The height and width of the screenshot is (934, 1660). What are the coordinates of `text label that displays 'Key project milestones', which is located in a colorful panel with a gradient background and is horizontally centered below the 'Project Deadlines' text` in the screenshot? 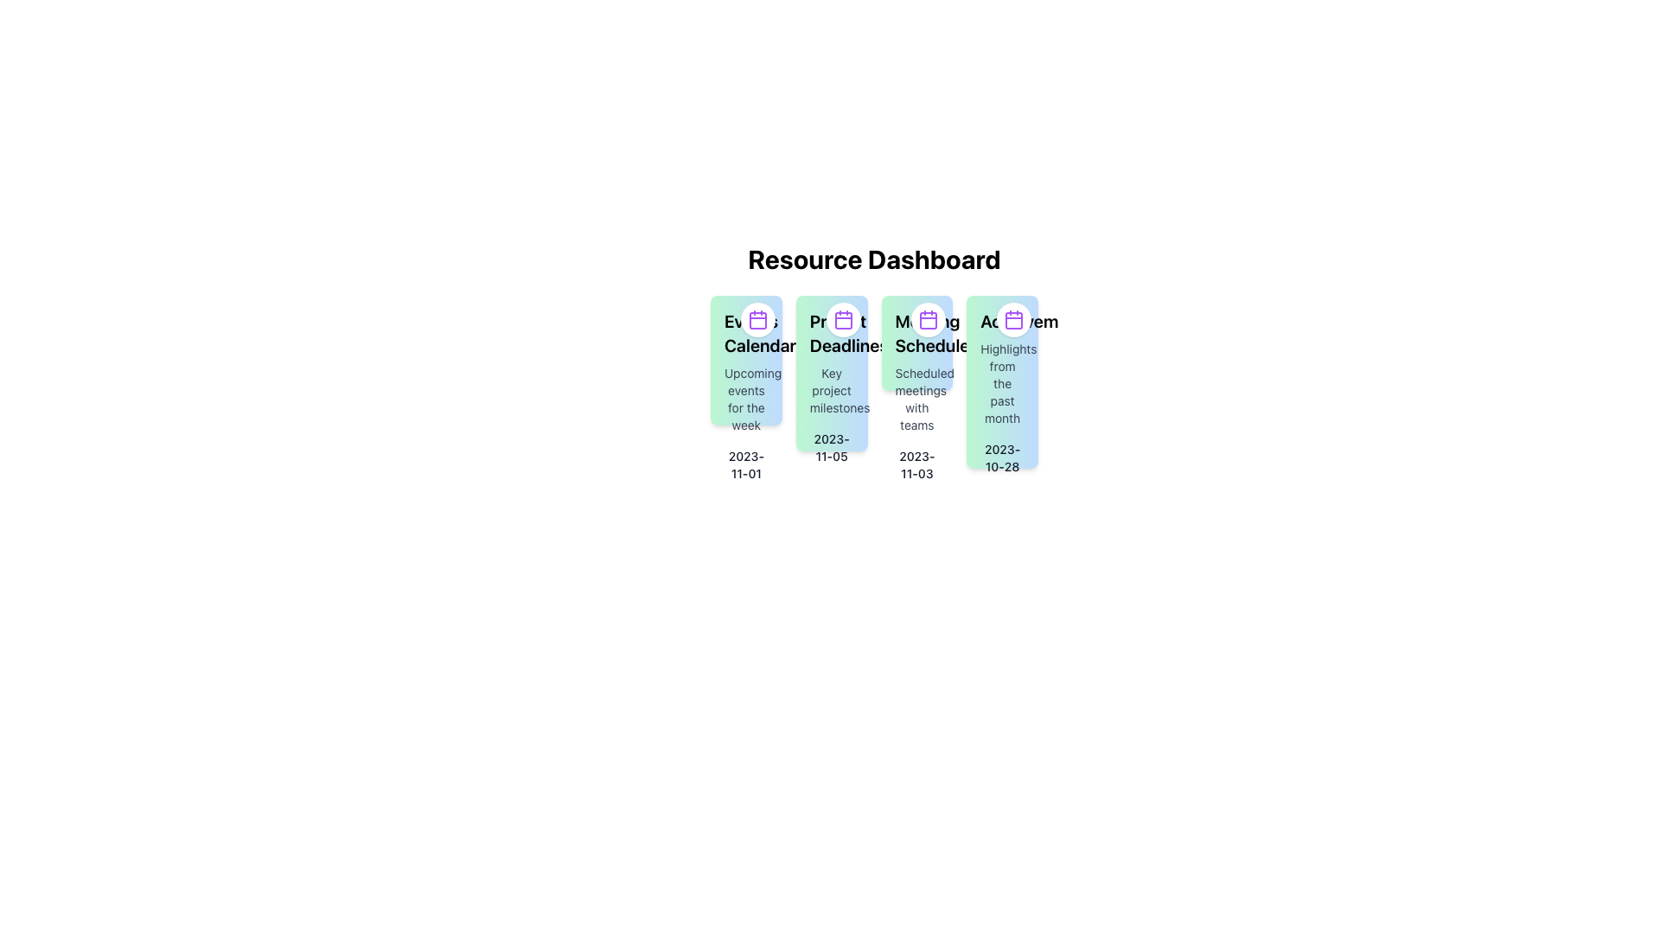 It's located at (832, 390).